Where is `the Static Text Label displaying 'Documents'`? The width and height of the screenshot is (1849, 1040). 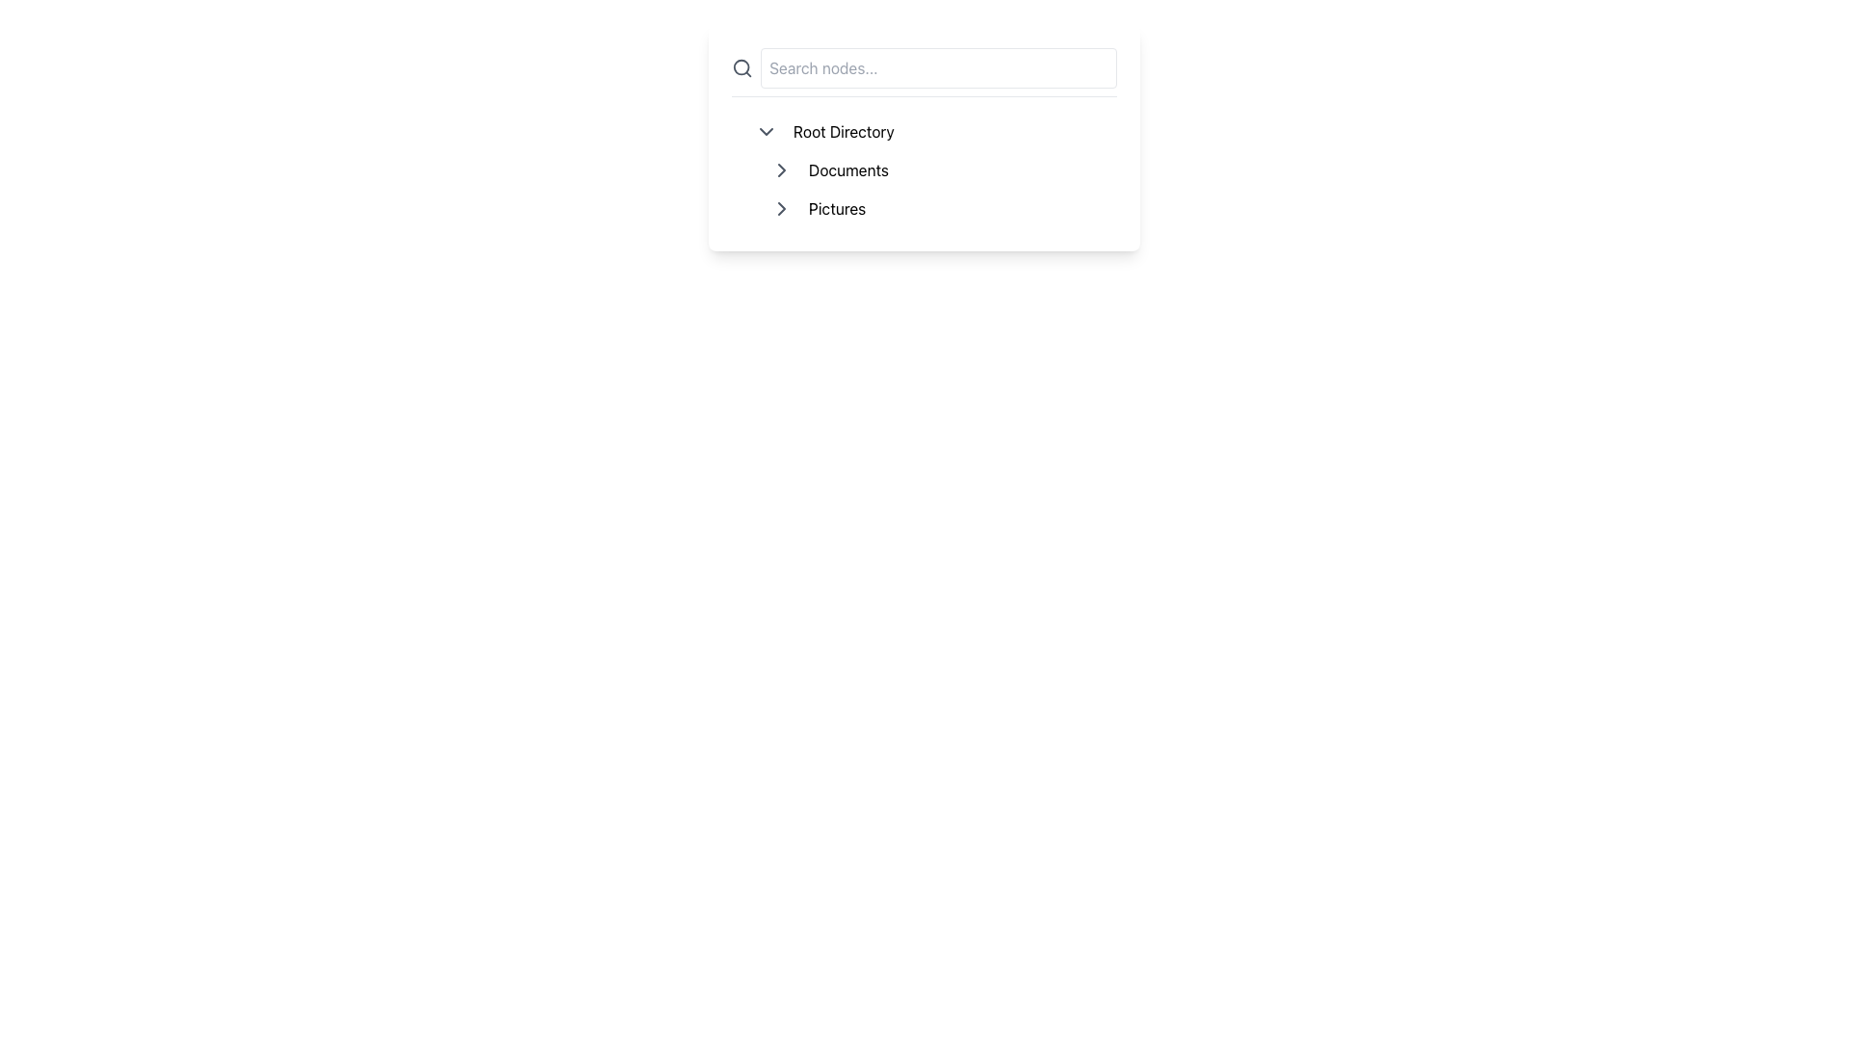 the Static Text Label displaying 'Documents' is located at coordinates (847, 169).